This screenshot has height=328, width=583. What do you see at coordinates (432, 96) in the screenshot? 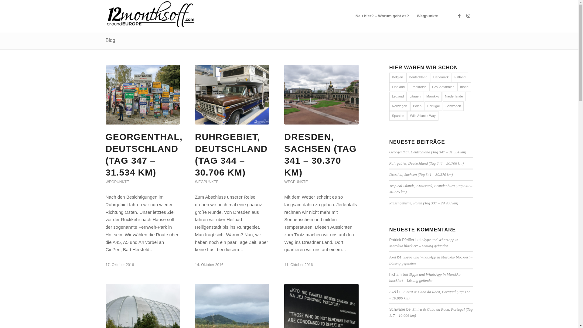
I see `'Marokko'` at bounding box center [432, 96].